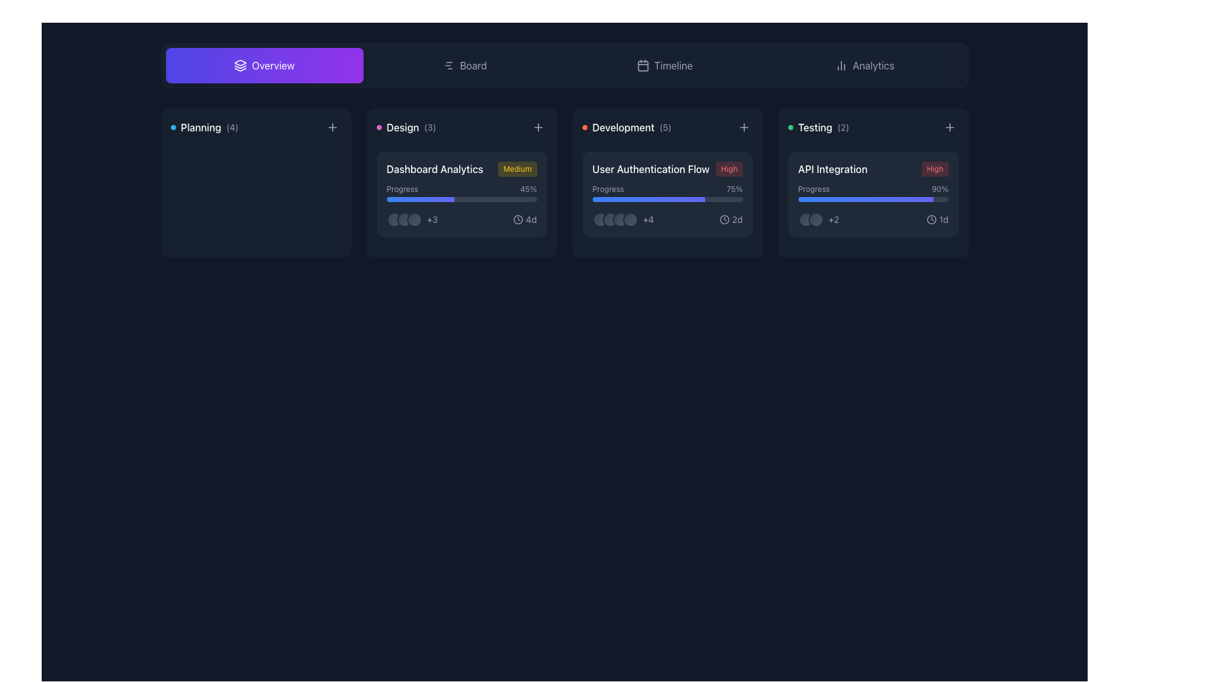  What do you see at coordinates (518, 168) in the screenshot?
I see `the 'Medium' badge, which is a small rectangular element with rounded corners, displaying yellow text against a light yellow background, located in the top-right corner of the 'Dashboard Analytics' card under the 'Design' category` at bounding box center [518, 168].